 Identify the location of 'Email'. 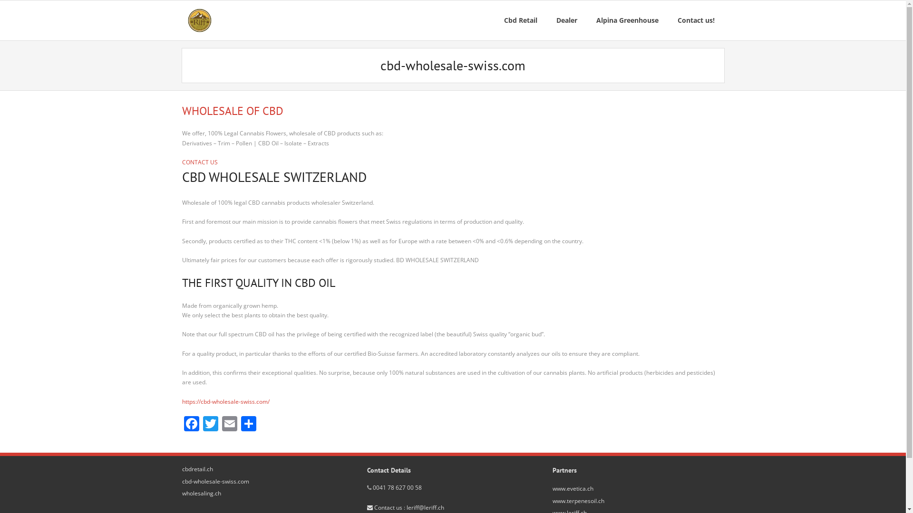
(229, 424).